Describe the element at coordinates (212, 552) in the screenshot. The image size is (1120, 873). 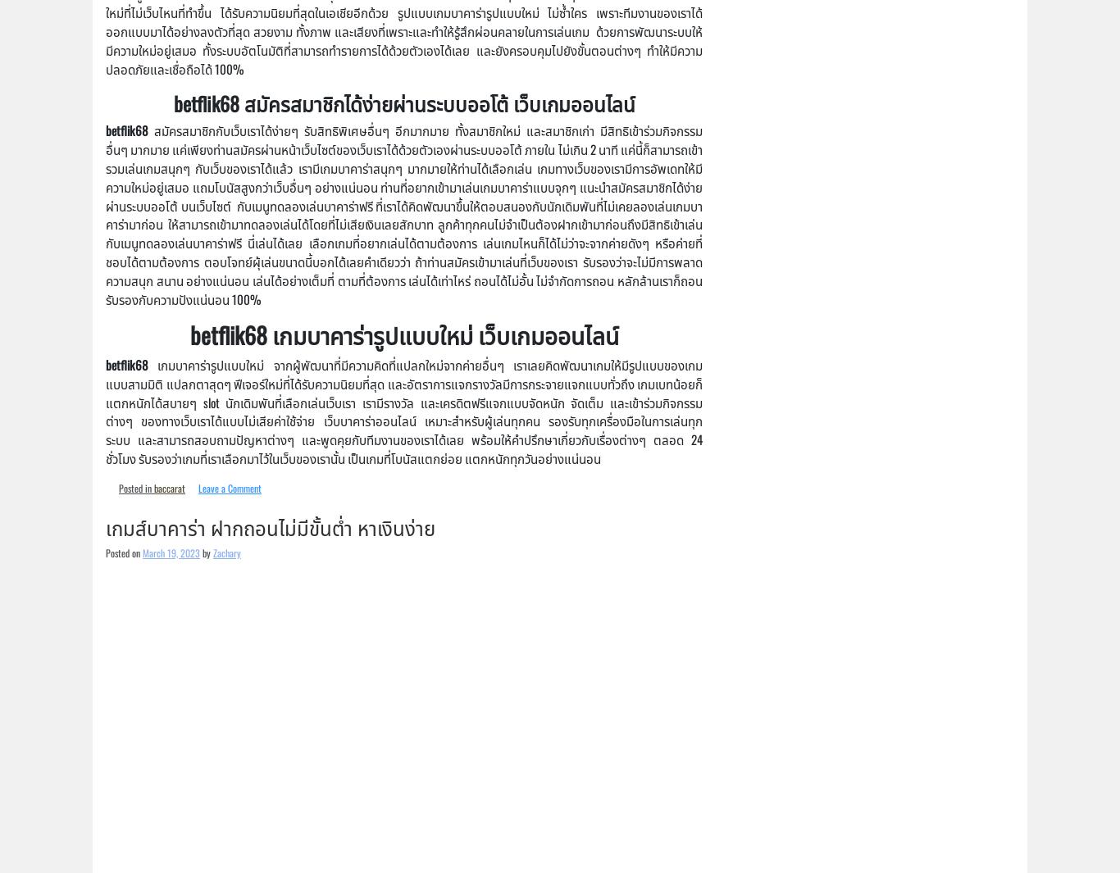
I see `'Zachary'` at that location.